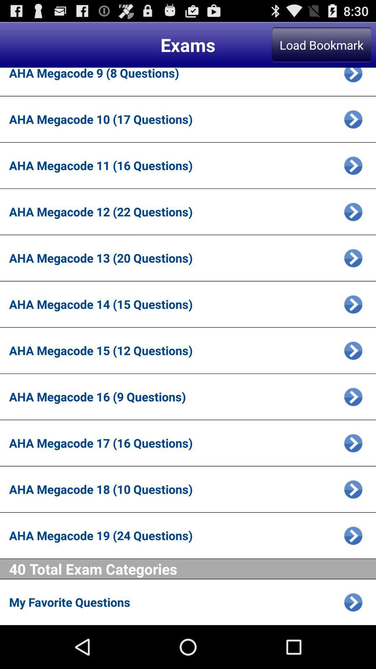  What do you see at coordinates (353, 77) in the screenshot?
I see `exam` at bounding box center [353, 77].